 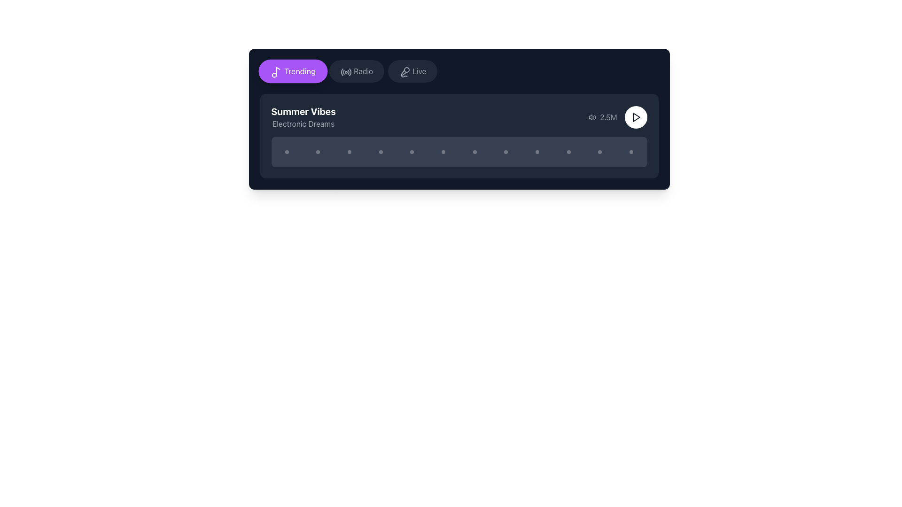 What do you see at coordinates (346, 72) in the screenshot?
I see `the 'Radio' button icon located in the navigation bar` at bounding box center [346, 72].